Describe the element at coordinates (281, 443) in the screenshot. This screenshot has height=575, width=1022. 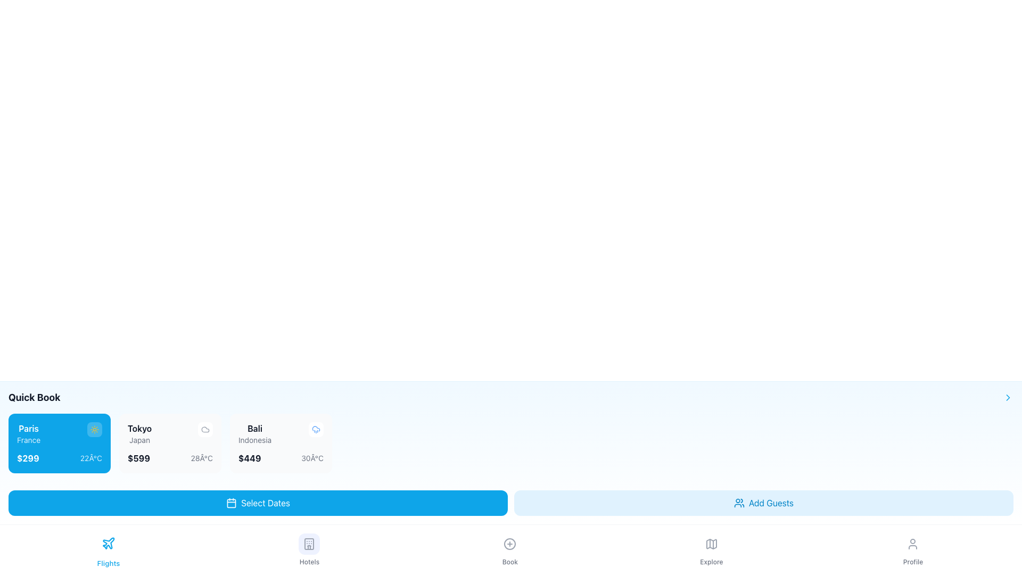
I see `the informational card titled 'Bali'` at that location.